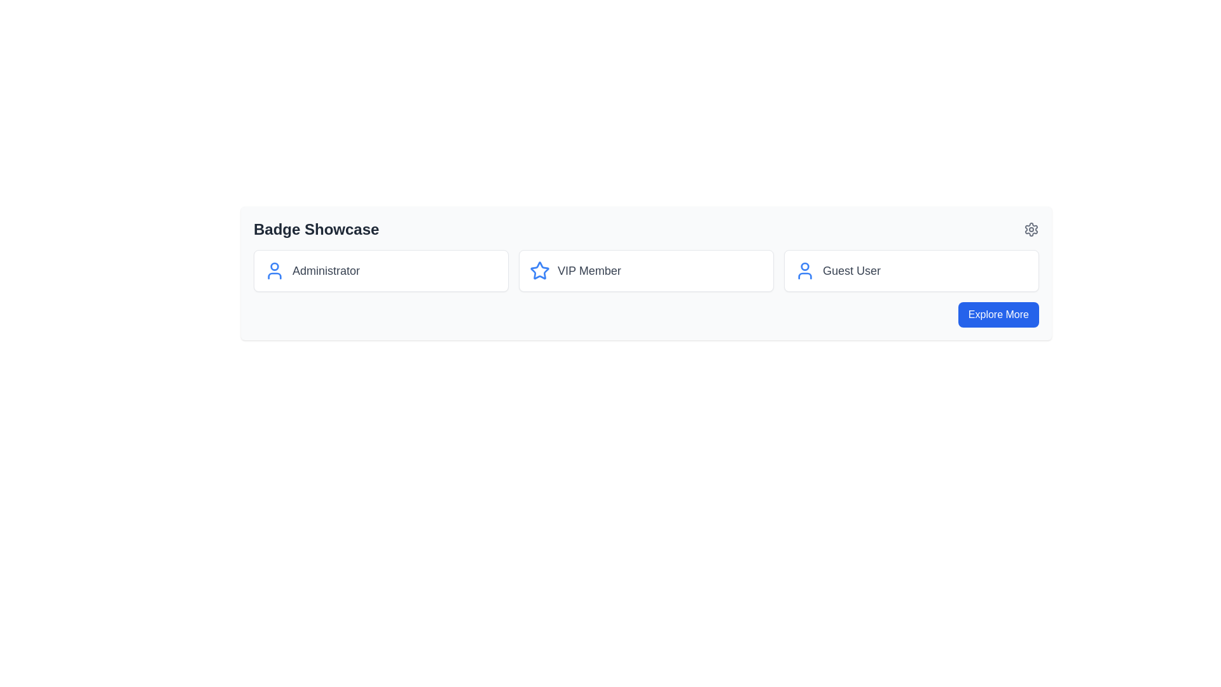  Describe the element at coordinates (540, 270) in the screenshot. I see `the blue star-shaped icon located on the 'VIP Member' card, which is the second card from the left in a horizontal list of cards` at that location.